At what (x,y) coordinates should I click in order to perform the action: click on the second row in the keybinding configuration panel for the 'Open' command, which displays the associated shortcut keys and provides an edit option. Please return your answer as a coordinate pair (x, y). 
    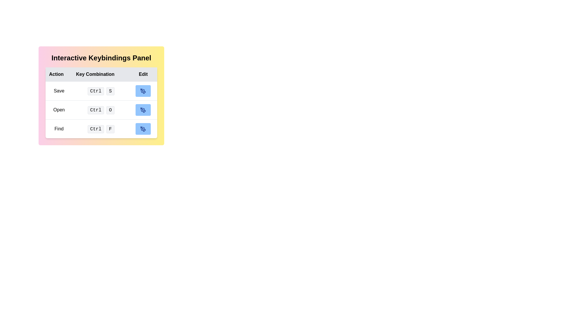
    Looking at the image, I should click on (101, 110).